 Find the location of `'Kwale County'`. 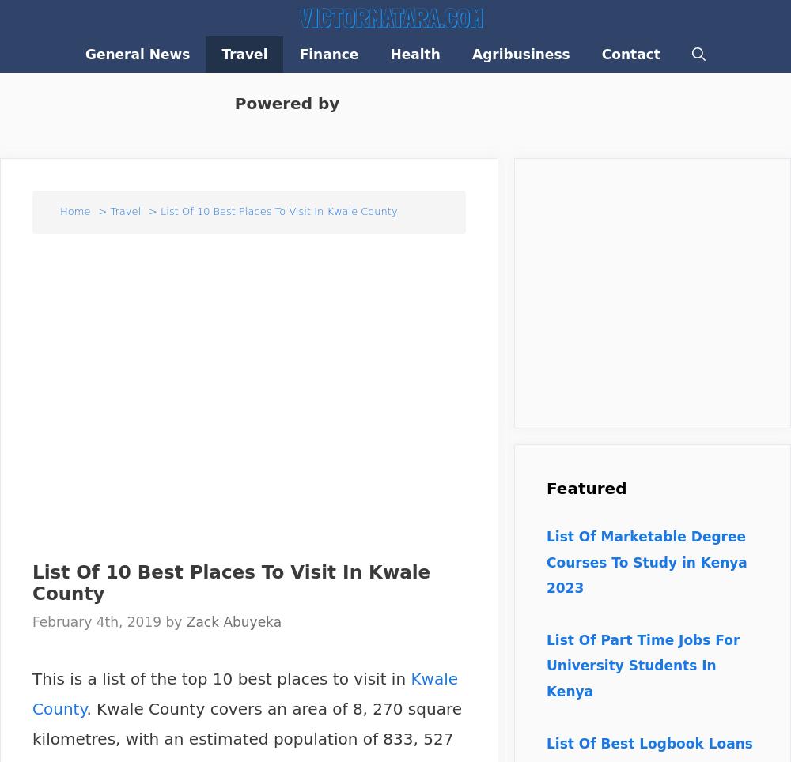

'Kwale County' is located at coordinates (245, 694).